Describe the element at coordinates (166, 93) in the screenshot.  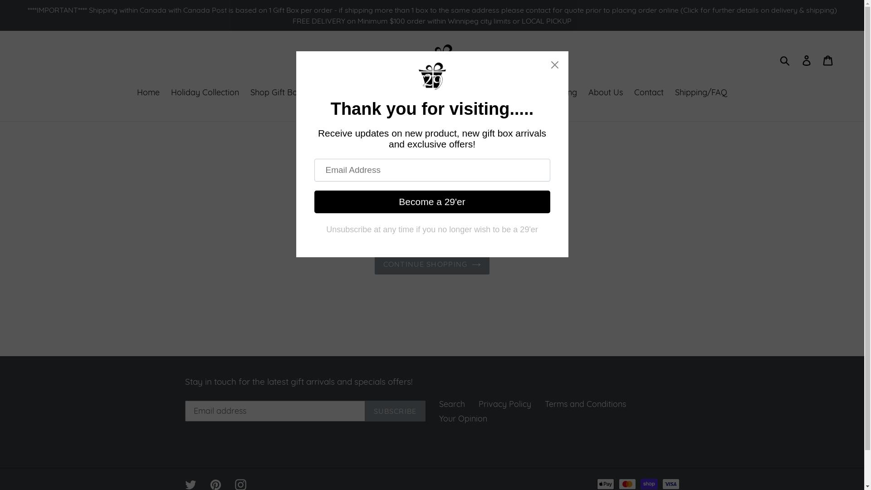
I see `'Holiday Collection'` at that location.